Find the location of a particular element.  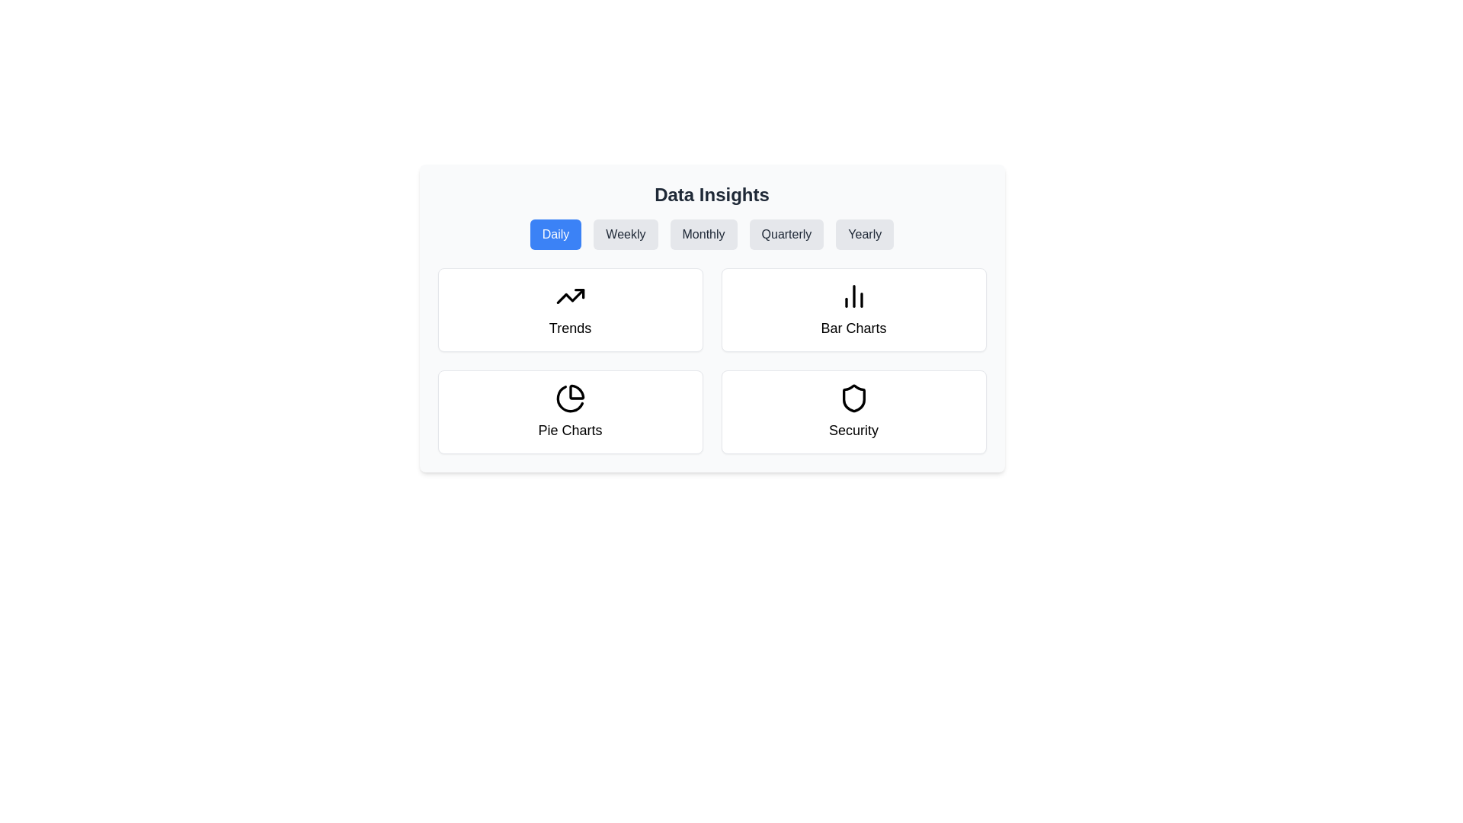

the text label displaying 'Pie Charts', which is located at the bottom of a card structure under the pie chart icon in the bottom-left grid component is located at coordinates (569, 430).